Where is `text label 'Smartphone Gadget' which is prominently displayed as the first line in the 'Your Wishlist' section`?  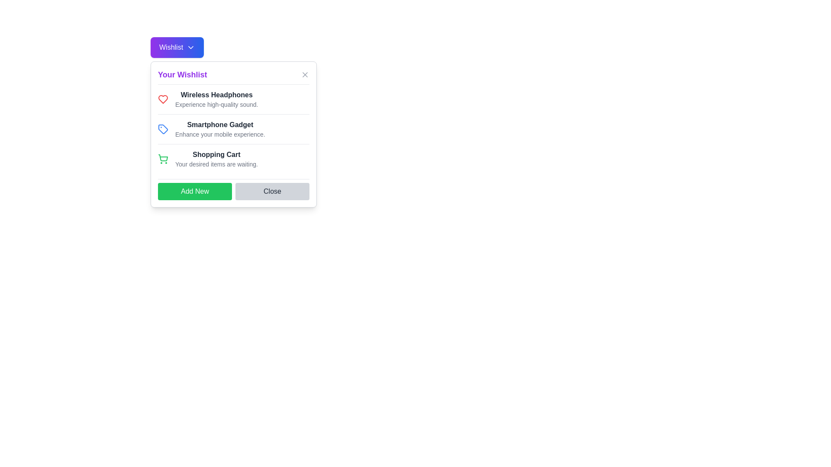
text label 'Smartphone Gadget' which is prominently displayed as the first line in the 'Your Wishlist' section is located at coordinates (220, 125).